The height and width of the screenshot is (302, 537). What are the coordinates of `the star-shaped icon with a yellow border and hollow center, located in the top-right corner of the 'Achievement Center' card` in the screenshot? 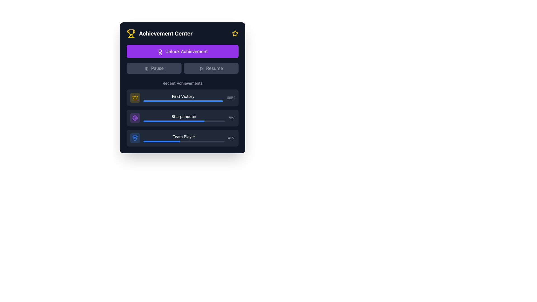 It's located at (235, 33).